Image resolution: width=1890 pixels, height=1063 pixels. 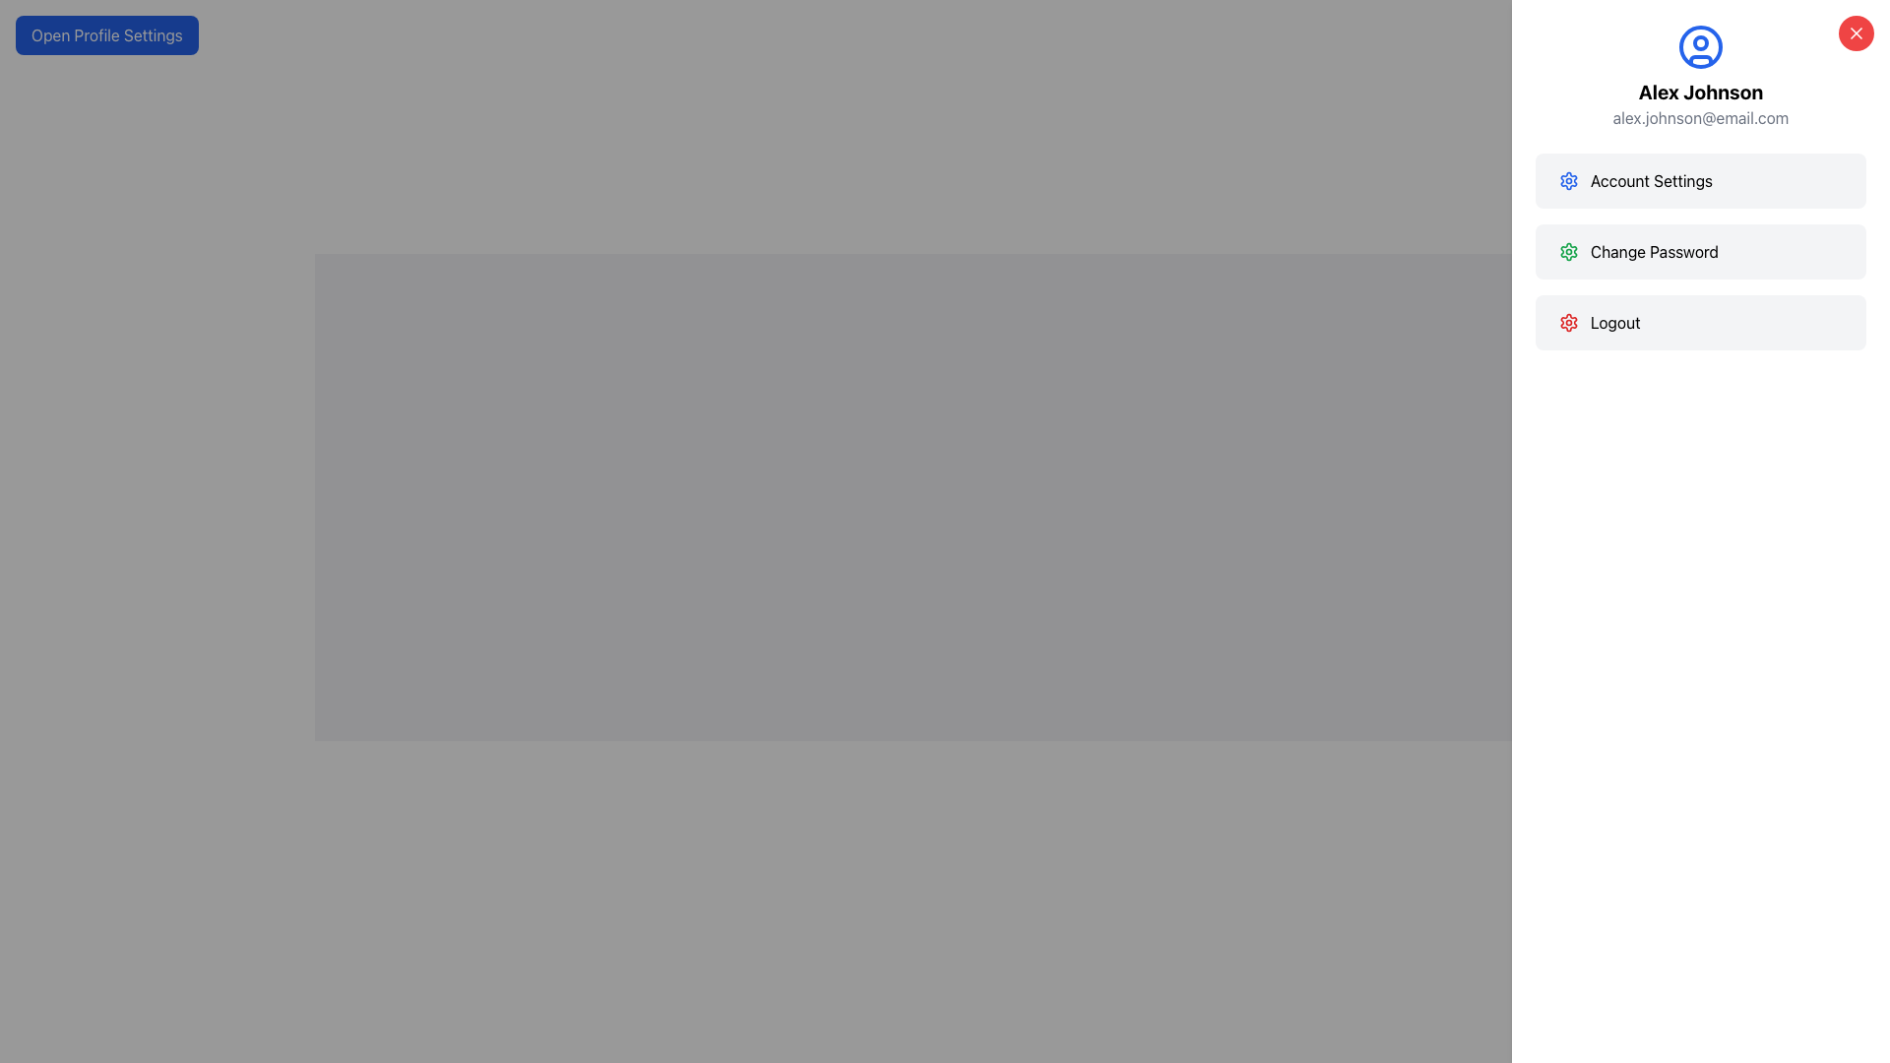 I want to click on the circular gear icon graphic with a blue outline, located to the left of the 'Account Settings' text in the user profile settings menu, so click(x=1567, y=181).